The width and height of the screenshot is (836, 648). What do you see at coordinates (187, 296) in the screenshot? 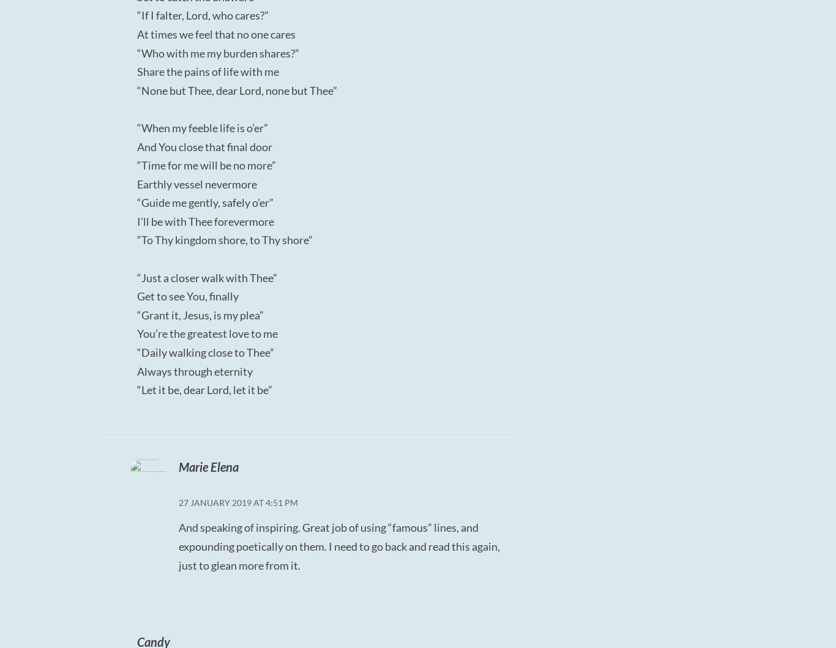
I see `'Get to see You, finally'` at bounding box center [187, 296].